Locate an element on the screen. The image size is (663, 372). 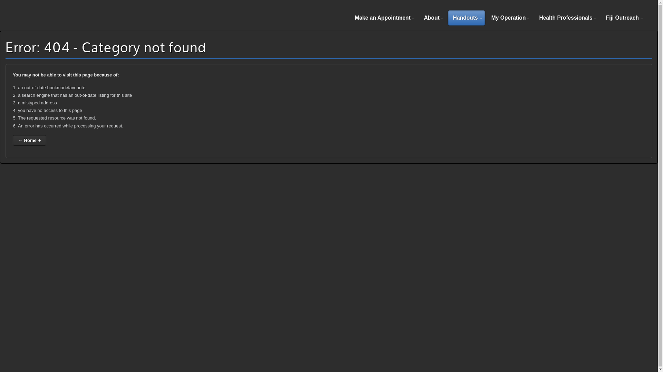
'Handouts' is located at coordinates (466, 17).